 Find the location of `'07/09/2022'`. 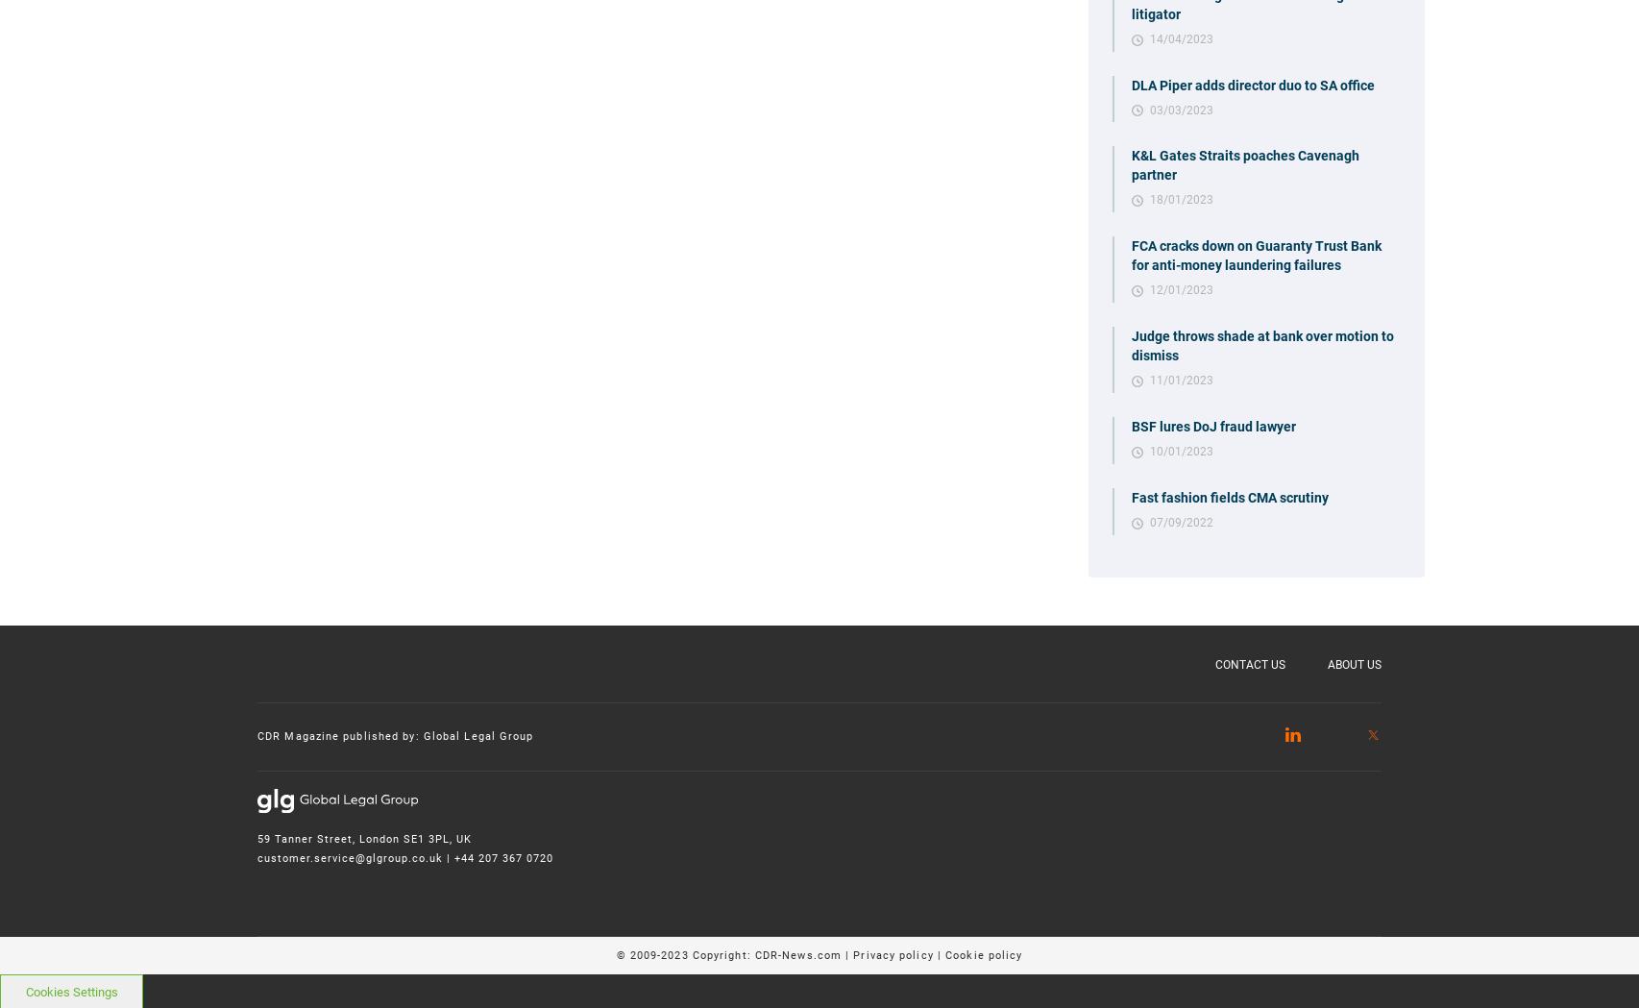

'07/09/2022' is located at coordinates (1147, 521).